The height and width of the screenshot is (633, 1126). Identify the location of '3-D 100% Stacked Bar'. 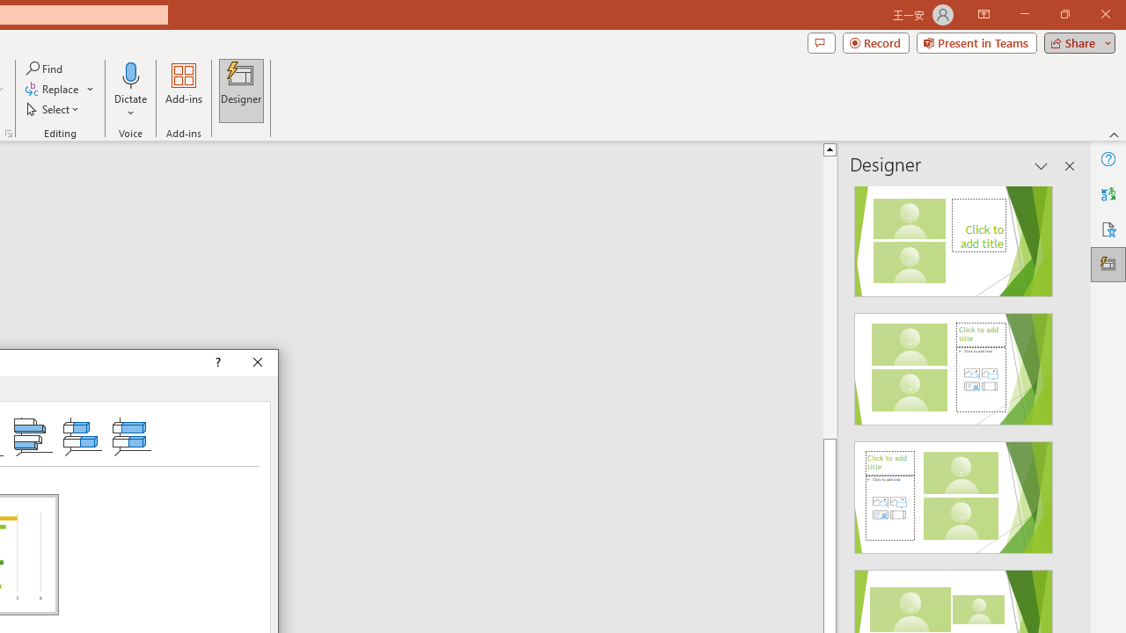
(130, 435).